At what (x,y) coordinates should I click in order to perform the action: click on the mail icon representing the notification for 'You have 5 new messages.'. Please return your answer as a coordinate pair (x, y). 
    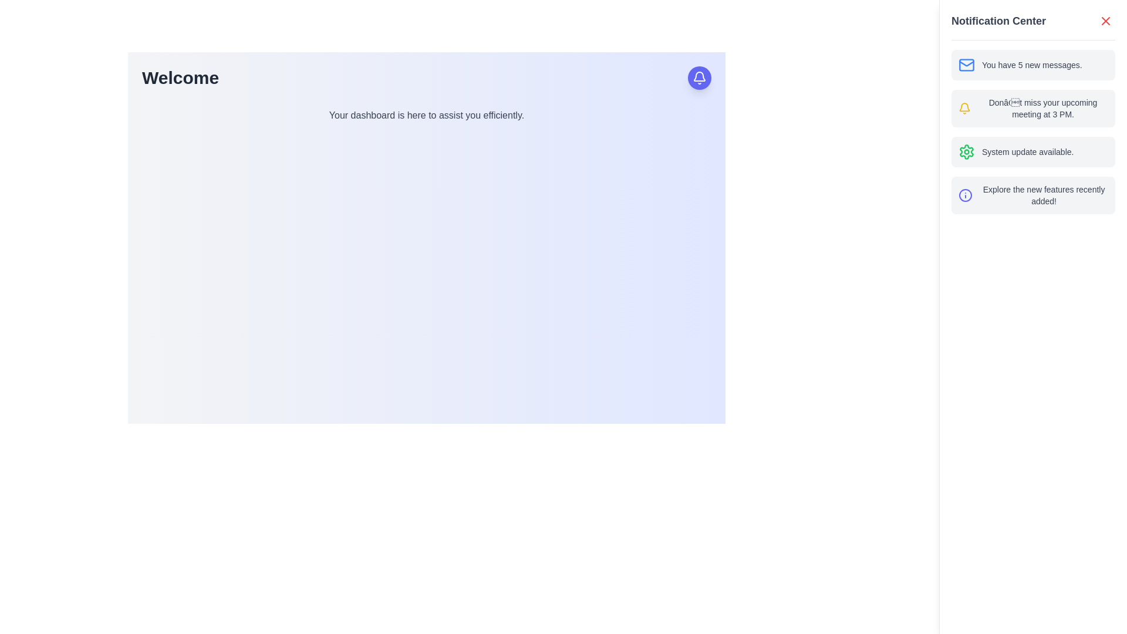
    Looking at the image, I should click on (966, 65).